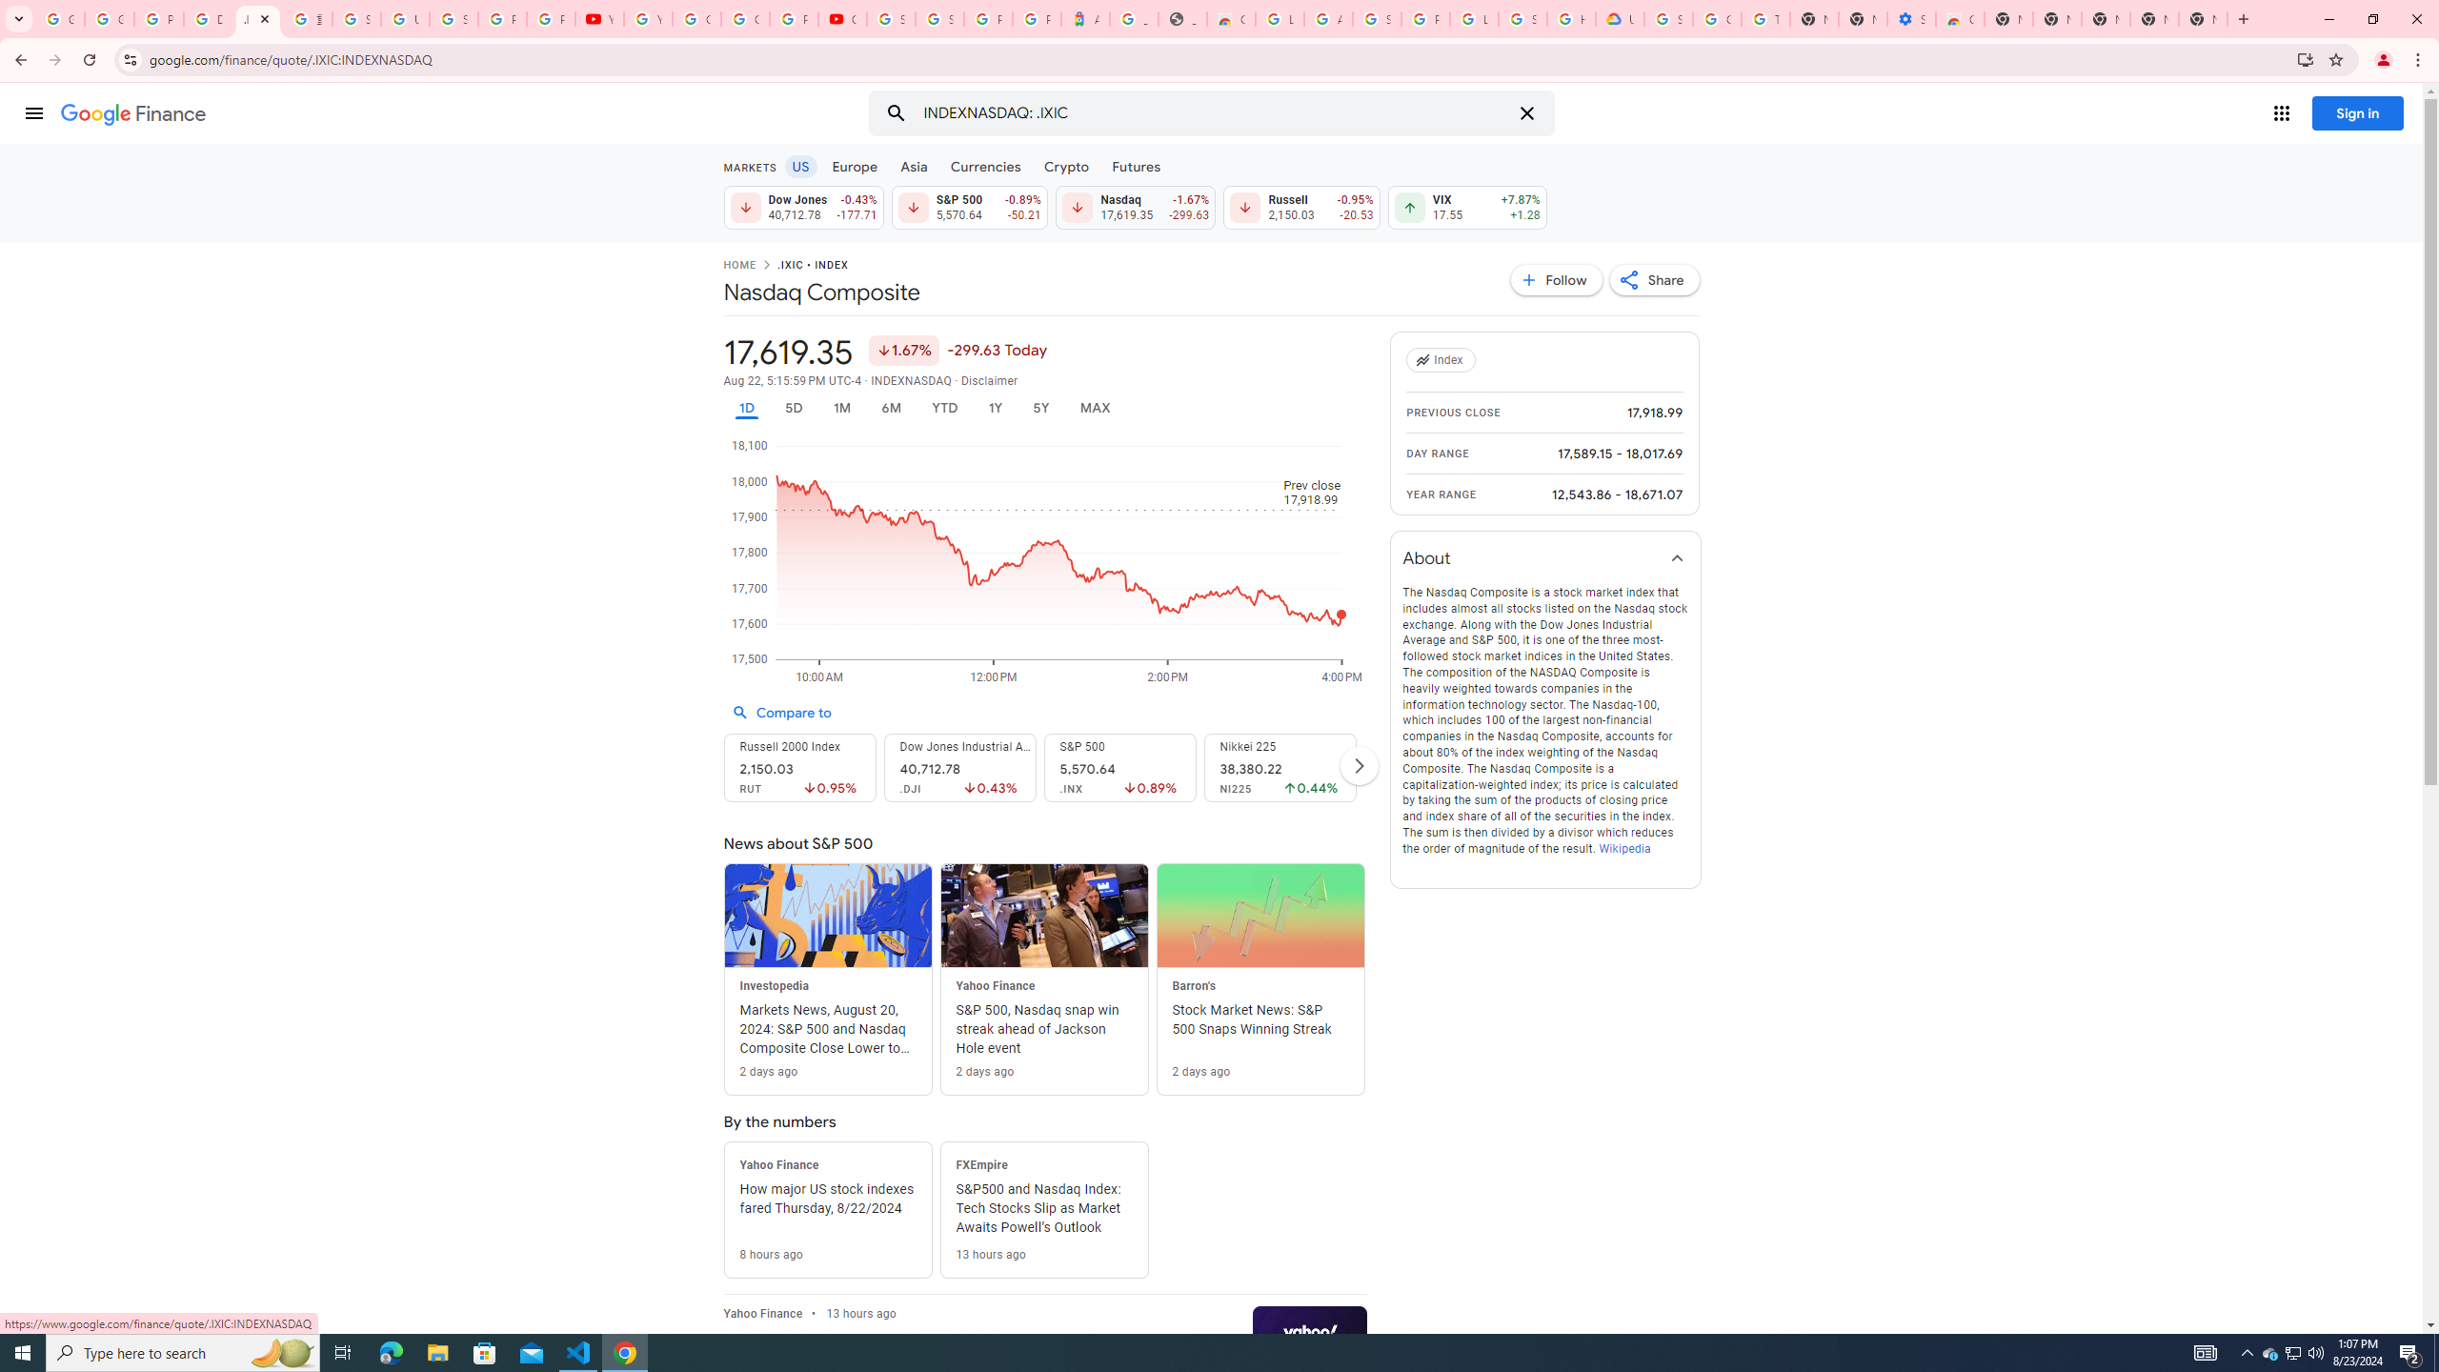  I want to click on 'Finance', so click(132, 113).